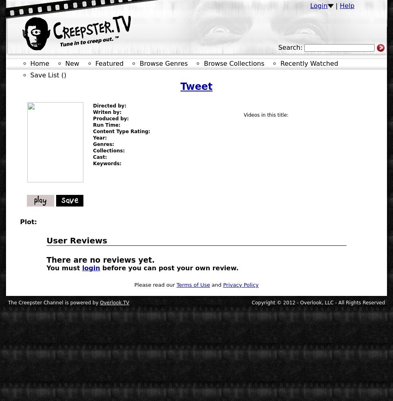 The width and height of the screenshot is (393, 401). Describe the element at coordinates (216, 284) in the screenshot. I see `'and'` at that location.